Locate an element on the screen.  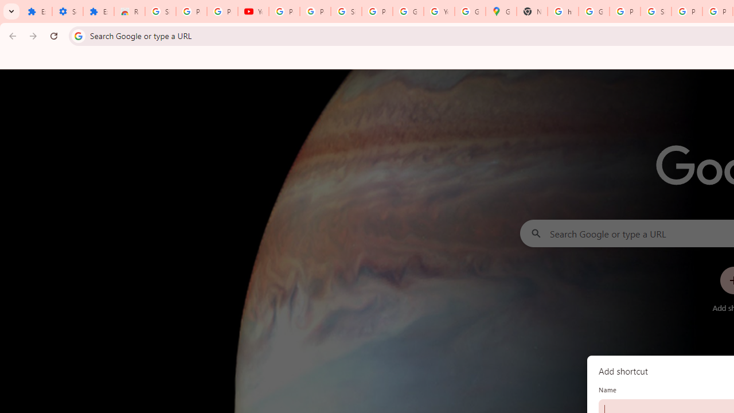
'New Tab' is located at coordinates (532, 11).